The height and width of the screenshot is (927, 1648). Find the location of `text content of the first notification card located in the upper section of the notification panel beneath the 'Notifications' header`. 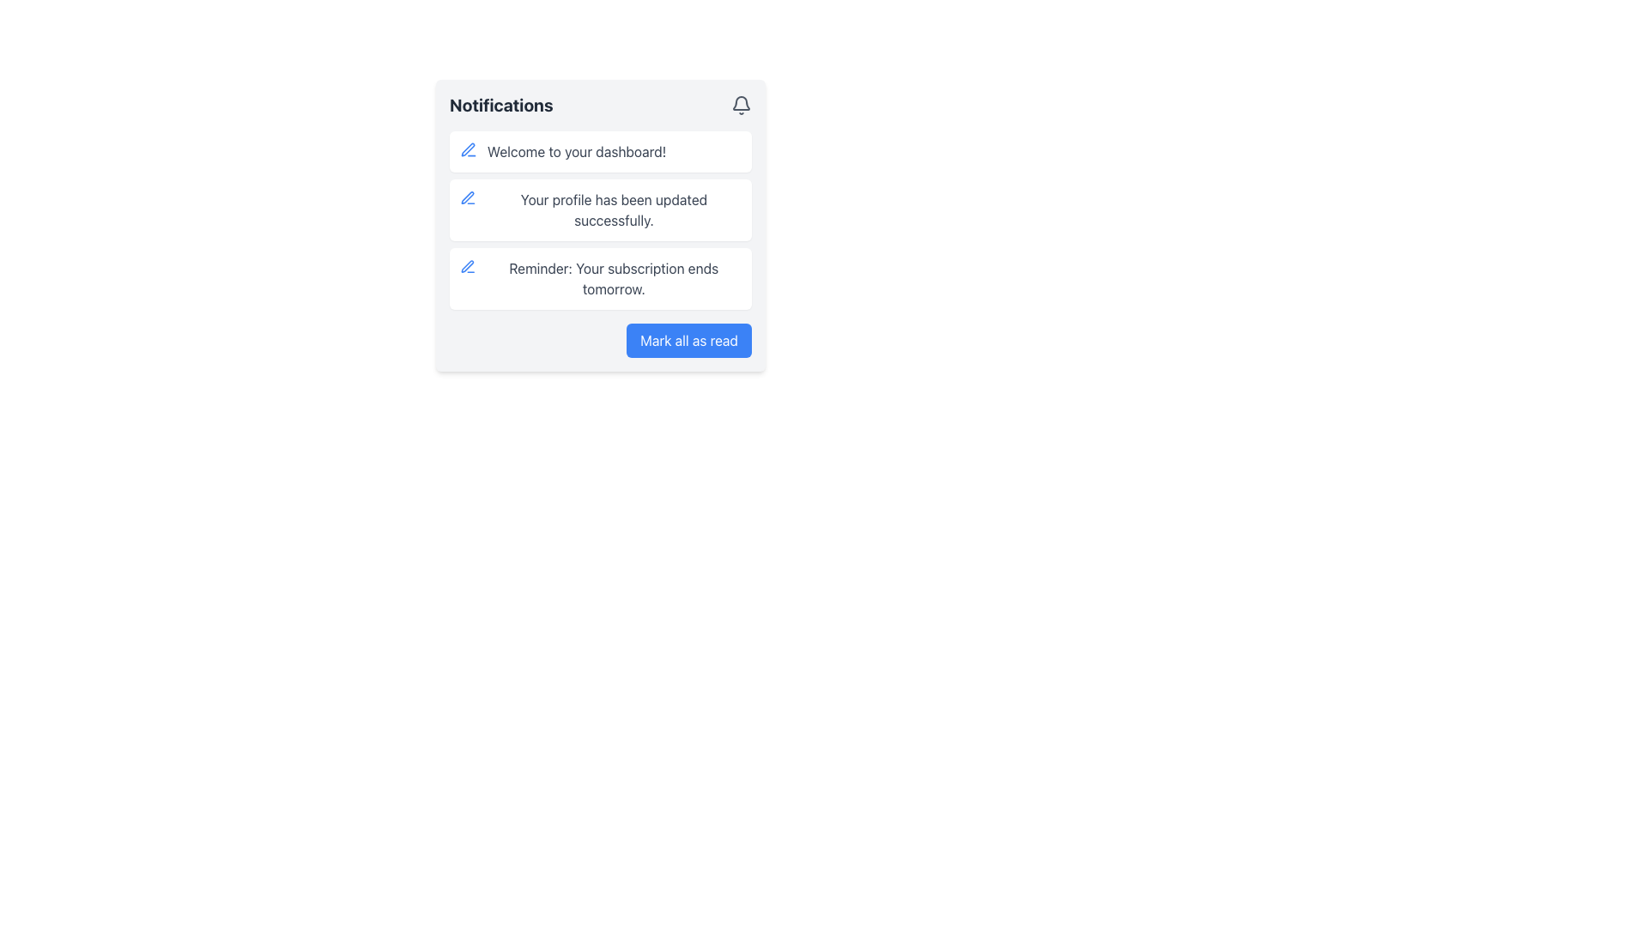

text content of the first notification card located in the upper section of the notification panel beneath the 'Notifications' header is located at coordinates (601, 151).